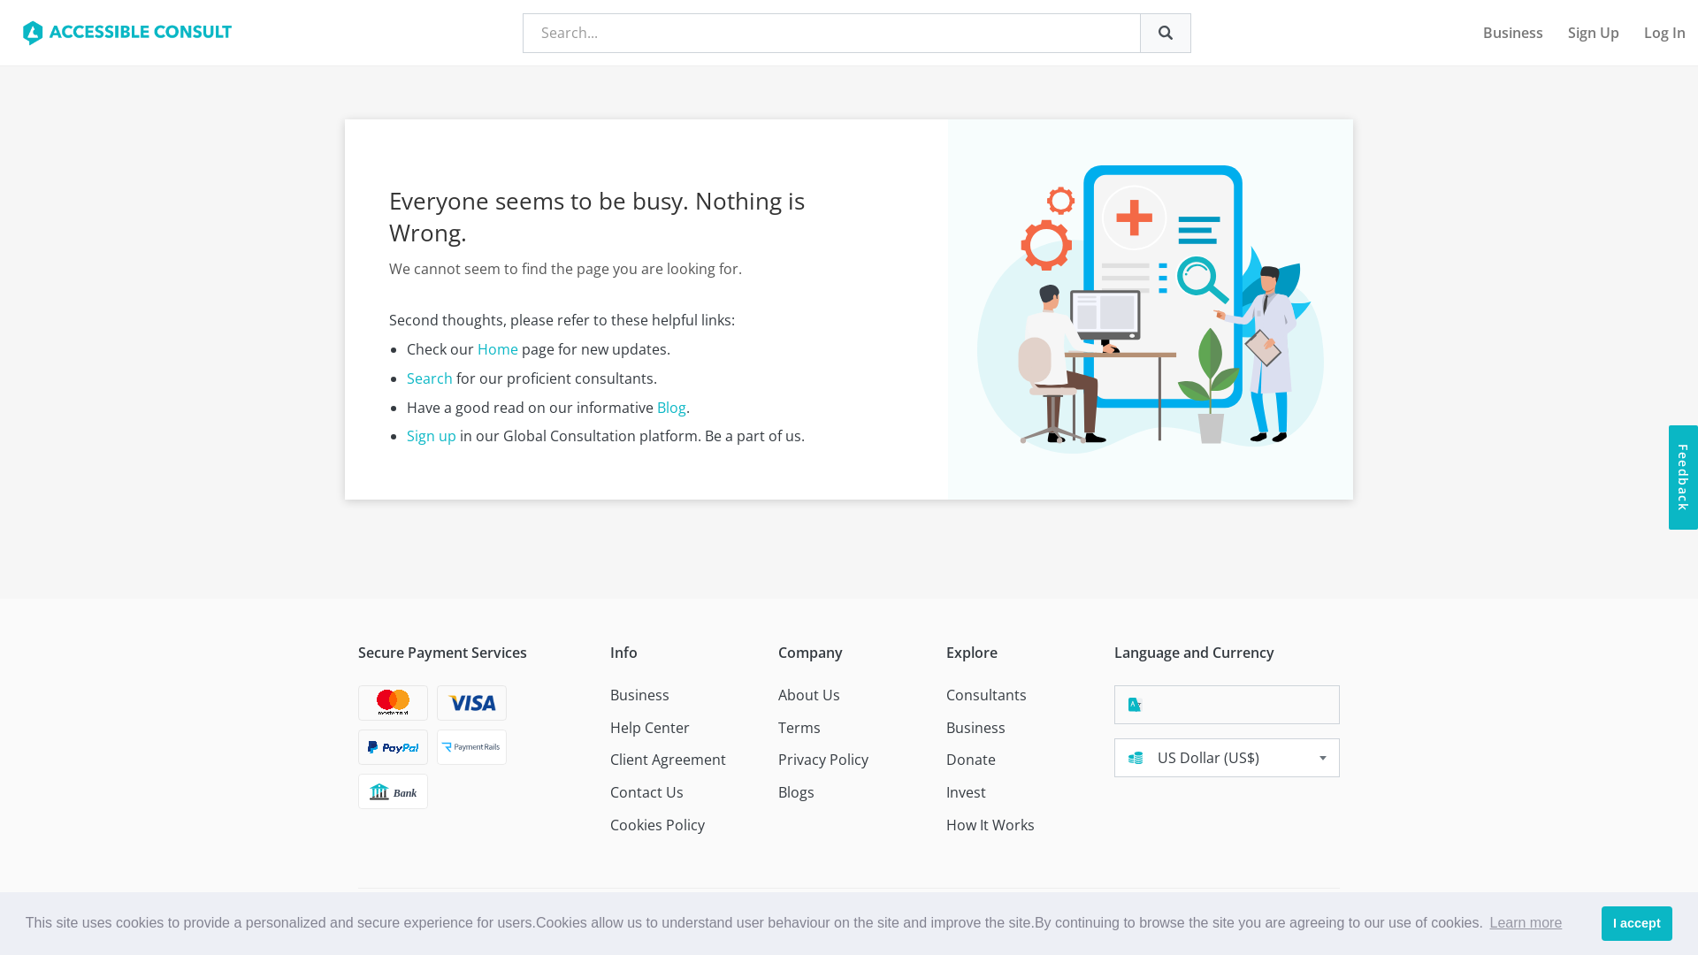  What do you see at coordinates (1524, 922) in the screenshot?
I see `'Learn more'` at bounding box center [1524, 922].